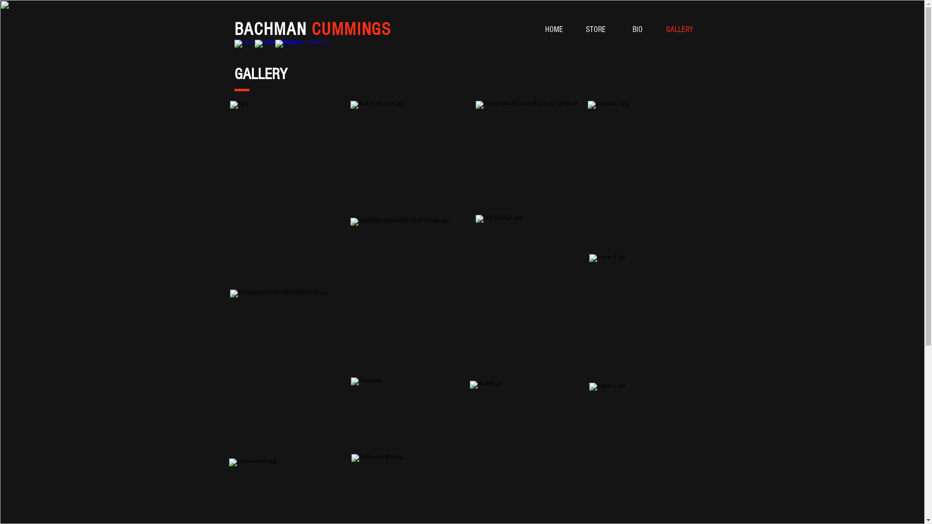 This screenshot has height=524, width=932. I want to click on 'BACHMAN CUMMINGS', so click(312, 29).